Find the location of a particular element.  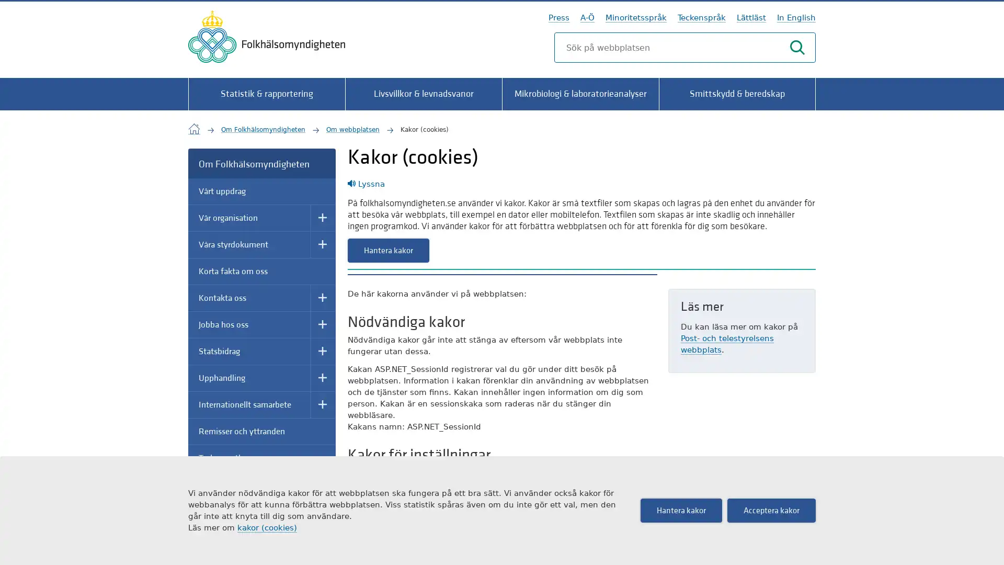

Expandera is located at coordinates (322, 244).